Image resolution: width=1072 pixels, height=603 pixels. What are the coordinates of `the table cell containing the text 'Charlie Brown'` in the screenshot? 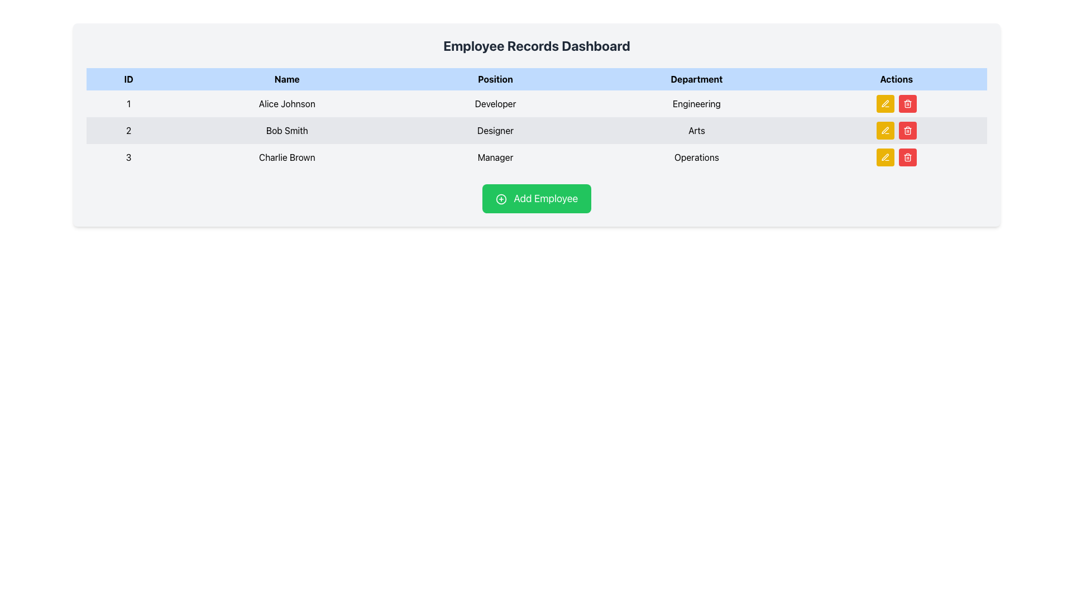 It's located at (286, 157).